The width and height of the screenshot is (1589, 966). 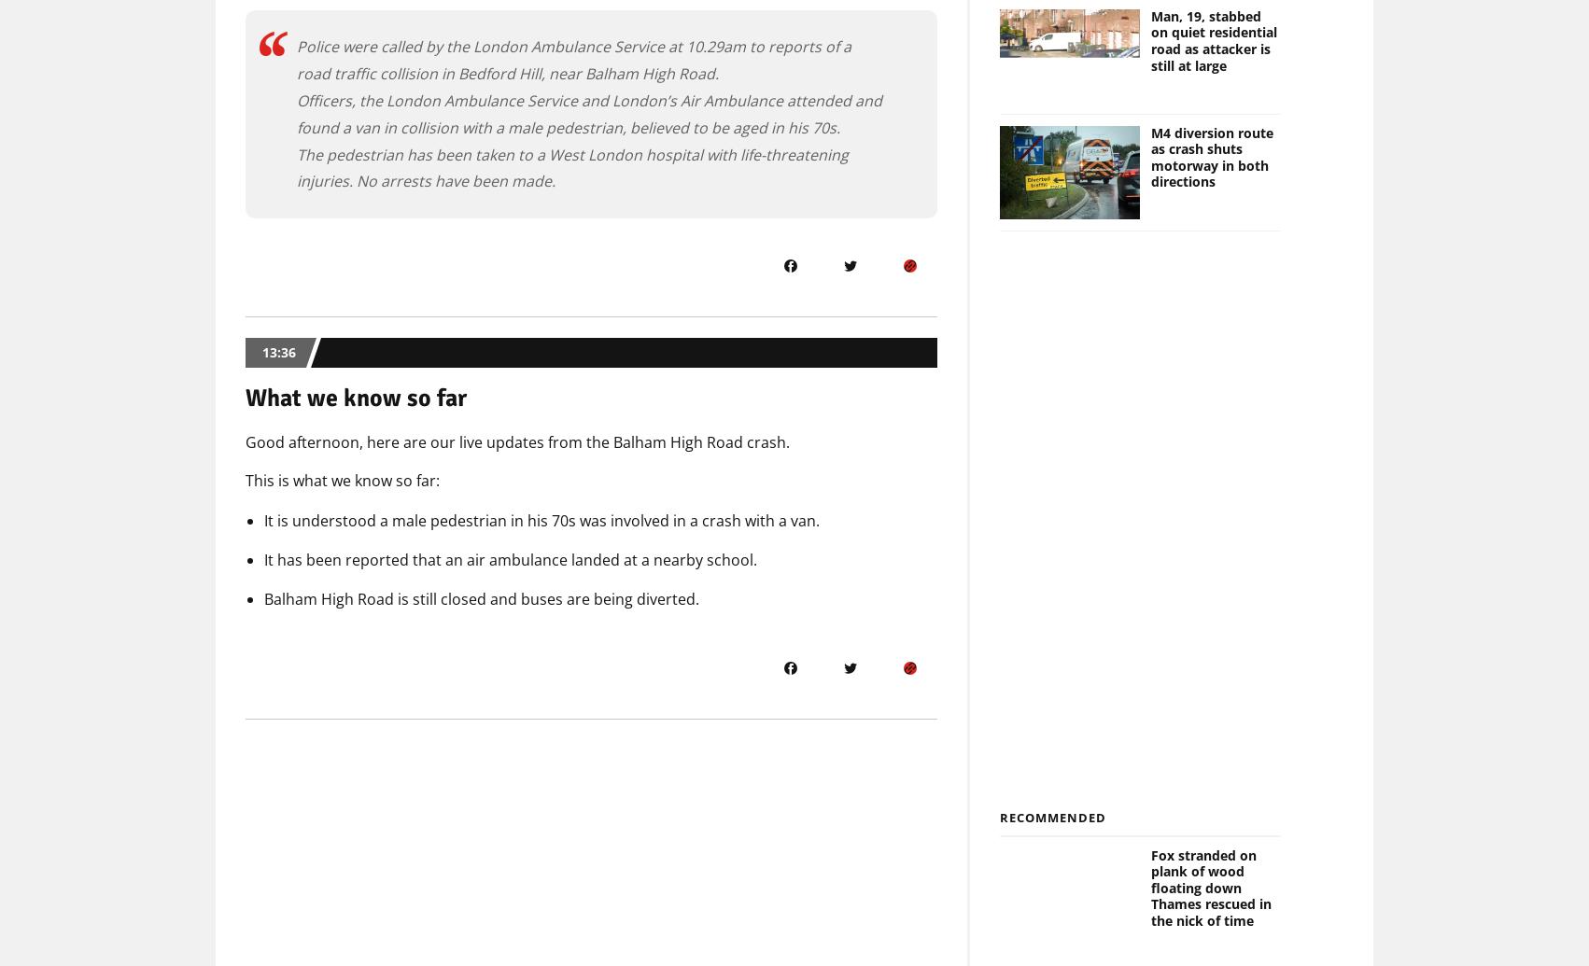 I want to click on 'Fox stranded on plank of wood floating down Thames rescued in the nick of time', so click(x=1209, y=886).